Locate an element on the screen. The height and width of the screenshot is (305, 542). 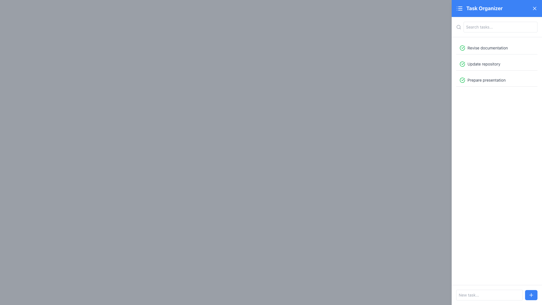
task description of the first item labeled 'Revise documentation' in the task organizer list, located in the scrollable section on the right-hand side of the interface is located at coordinates (497, 48).